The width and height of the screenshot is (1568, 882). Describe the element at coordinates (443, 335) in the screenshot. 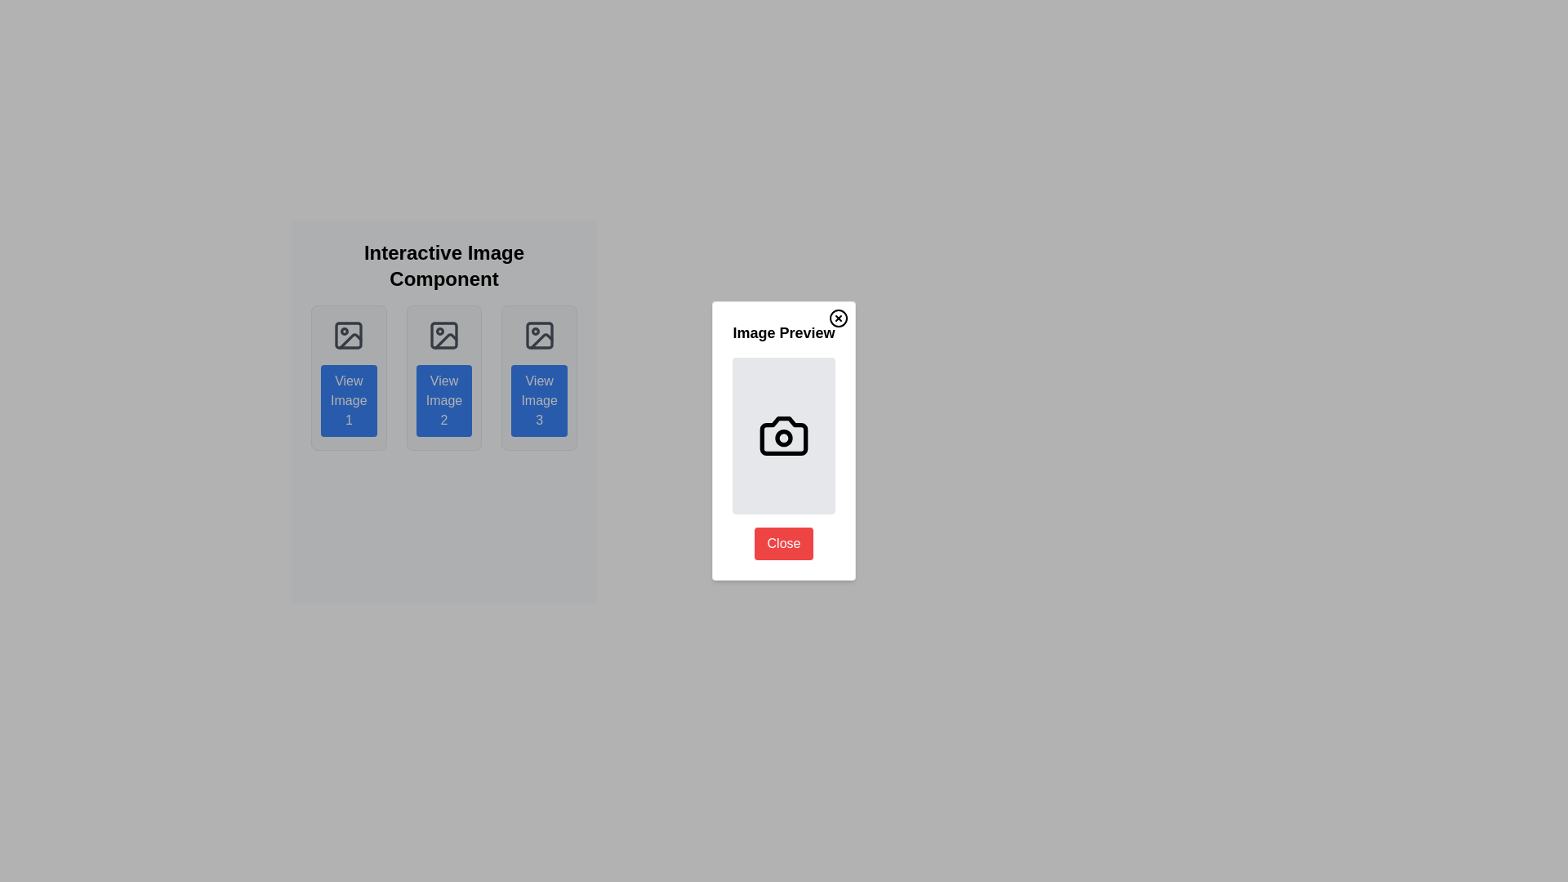

I see `the image placeholder icon located in the center of the three image buttons under the title 'Interactive Image Component'` at that location.